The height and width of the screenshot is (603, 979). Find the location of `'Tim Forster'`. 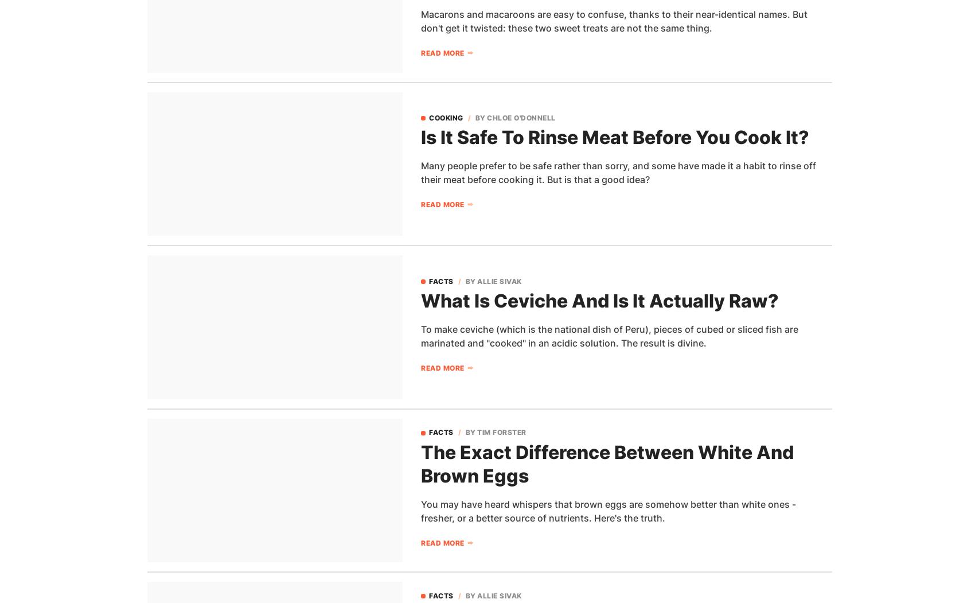

'Tim Forster' is located at coordinates (501, 432).